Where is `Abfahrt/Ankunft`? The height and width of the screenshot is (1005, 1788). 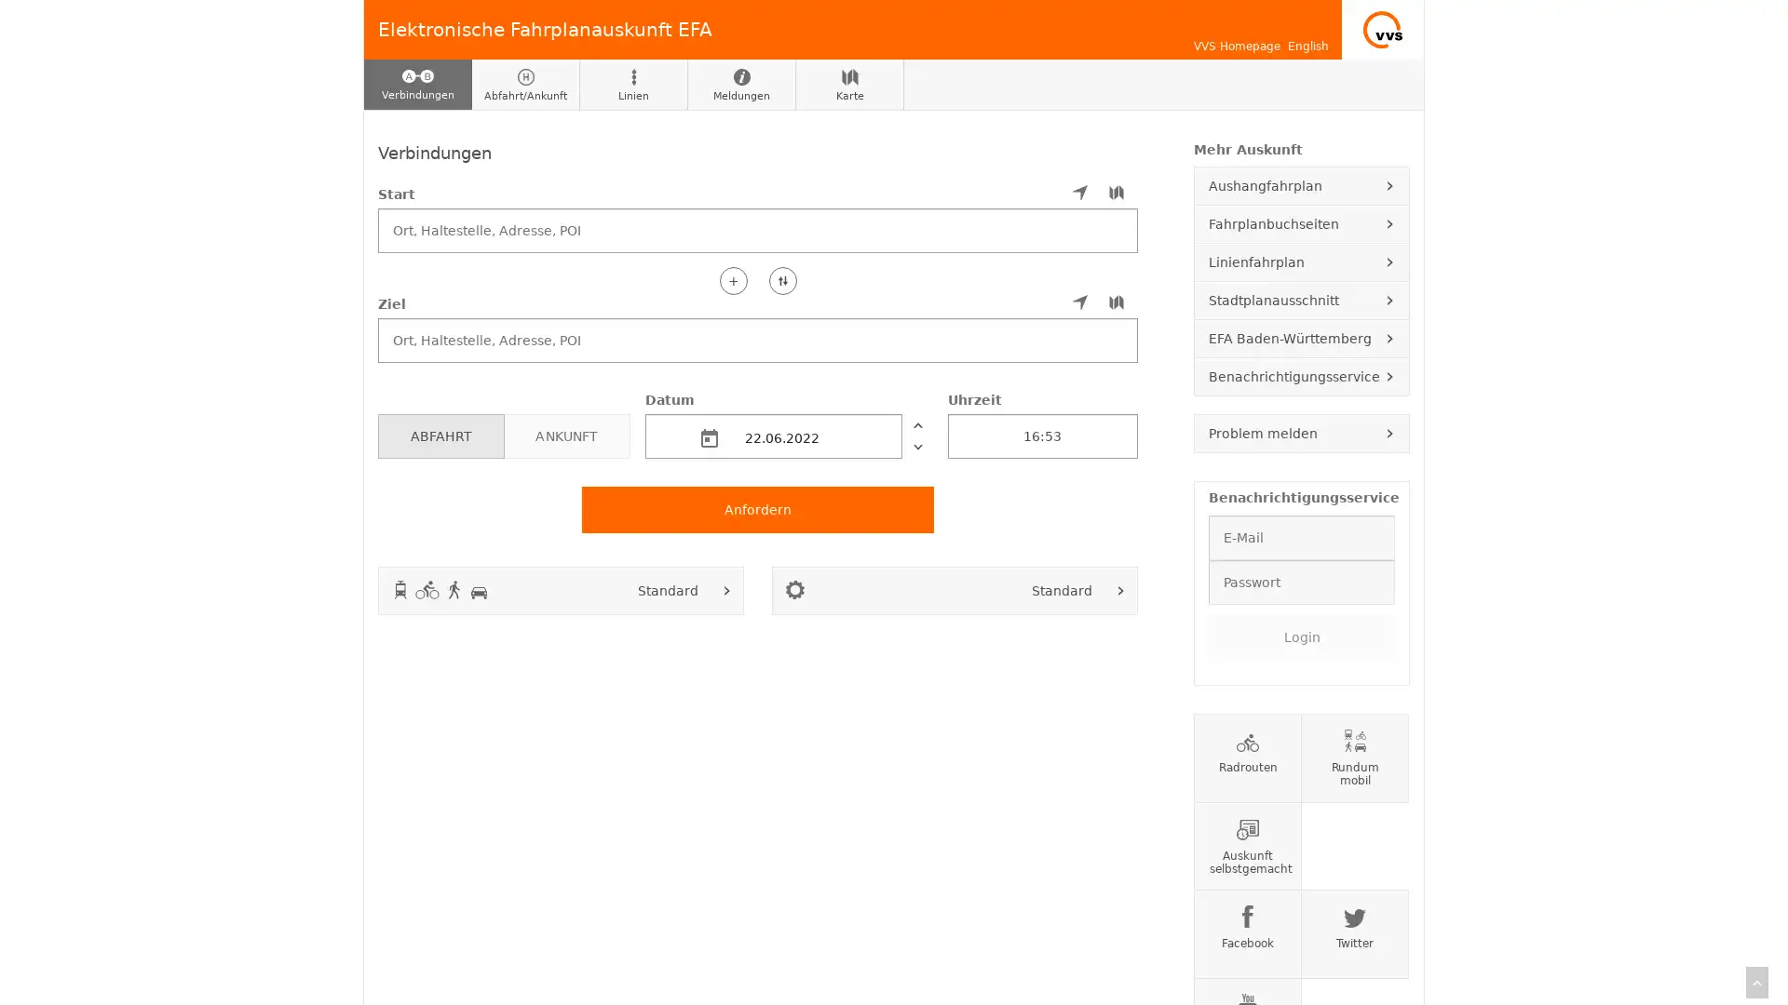 Abfahrt/Ankunft is located at coordinates (525, 85).